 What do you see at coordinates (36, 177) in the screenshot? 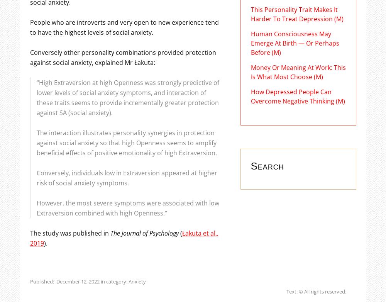
I see `'Conversely, individuals low in Extraversion appeared at higher risk of social anxiety symptoms.'` at bounding box center [36, 177].